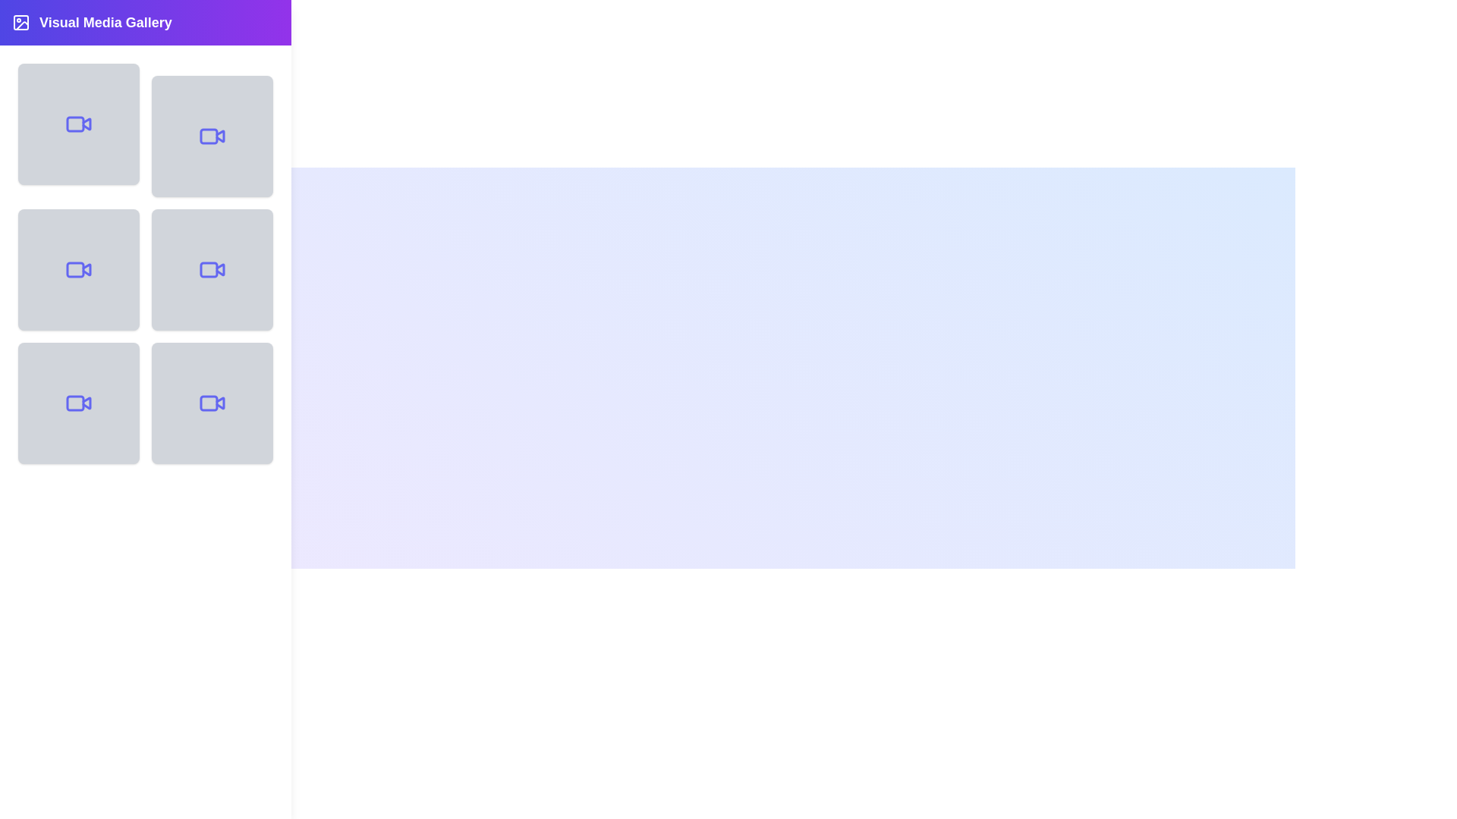  I want to click on the toggle button to toggle the visibility of the media gallery drawer, so click(33, 34).